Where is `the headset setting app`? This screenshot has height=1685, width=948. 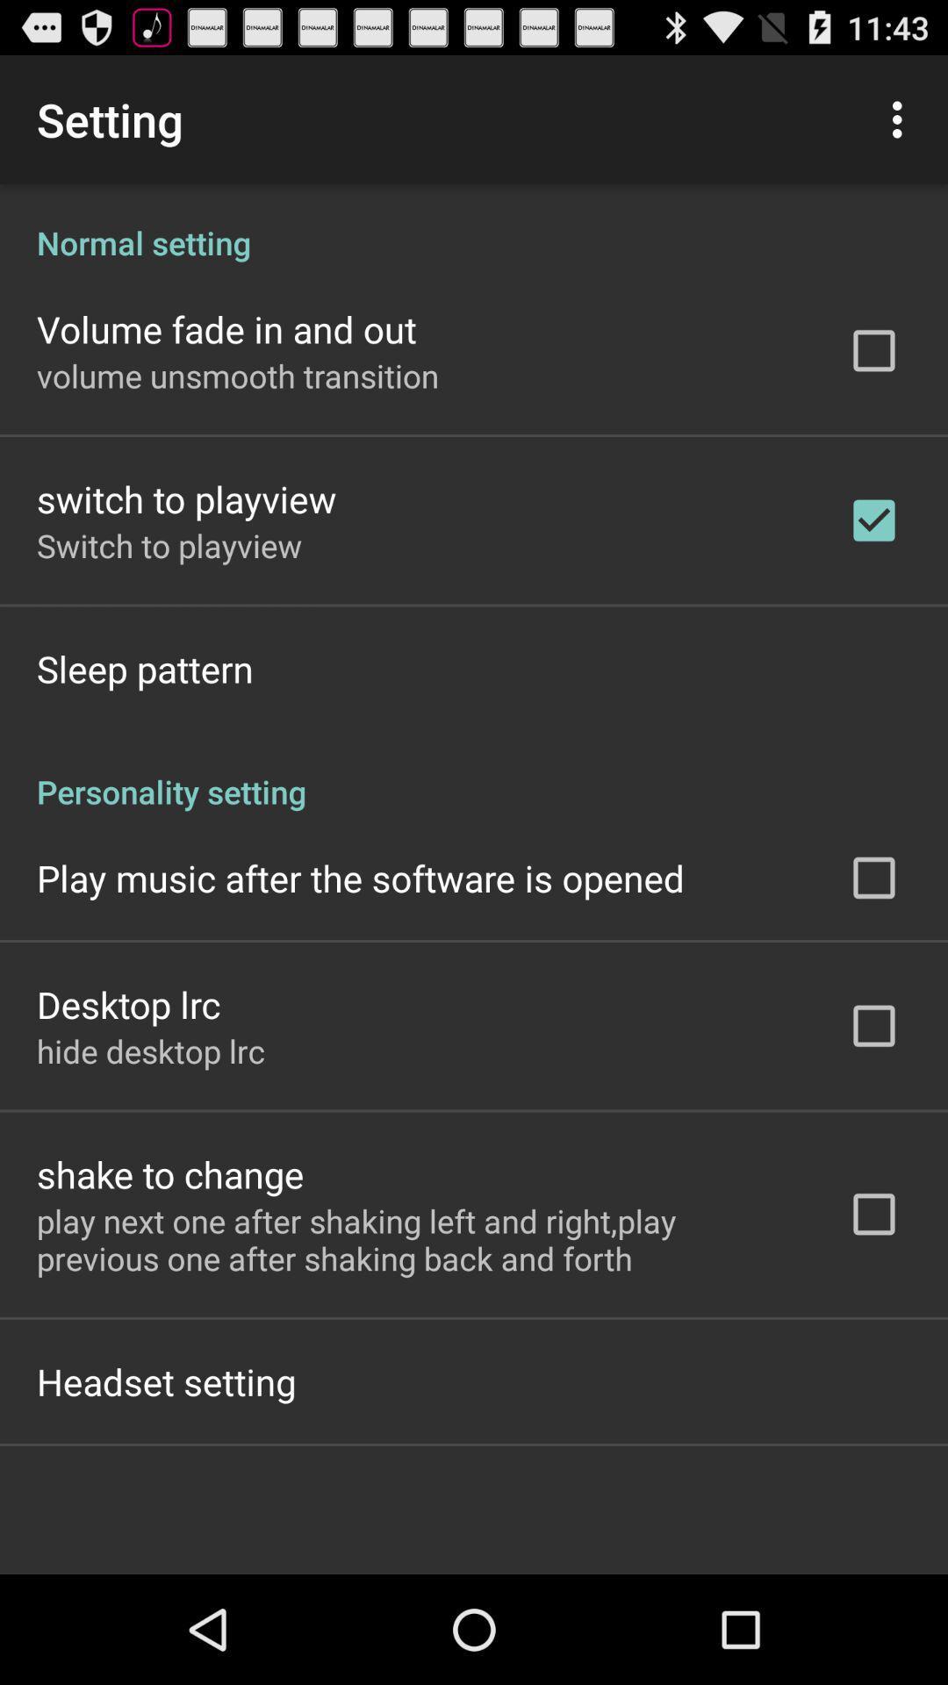 the headset setting app is located at coordinates (166, 1380).